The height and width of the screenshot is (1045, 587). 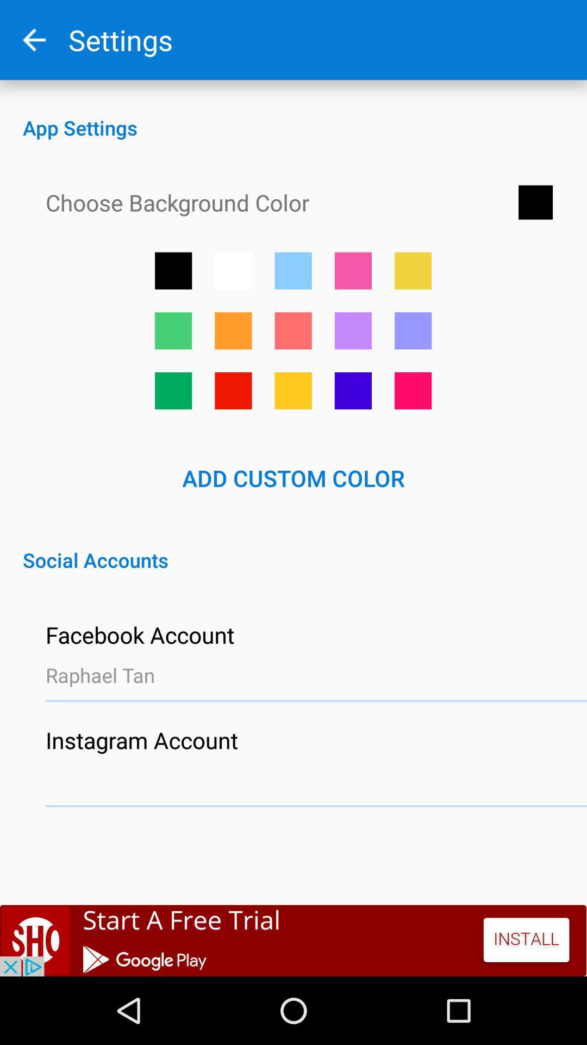 I want to click on choose red background color, so click(x=233, y=391).